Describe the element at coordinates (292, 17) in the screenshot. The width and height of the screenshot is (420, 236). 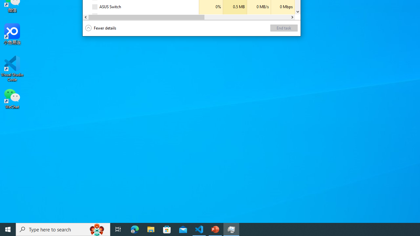
I see `'Column right'` at that location.